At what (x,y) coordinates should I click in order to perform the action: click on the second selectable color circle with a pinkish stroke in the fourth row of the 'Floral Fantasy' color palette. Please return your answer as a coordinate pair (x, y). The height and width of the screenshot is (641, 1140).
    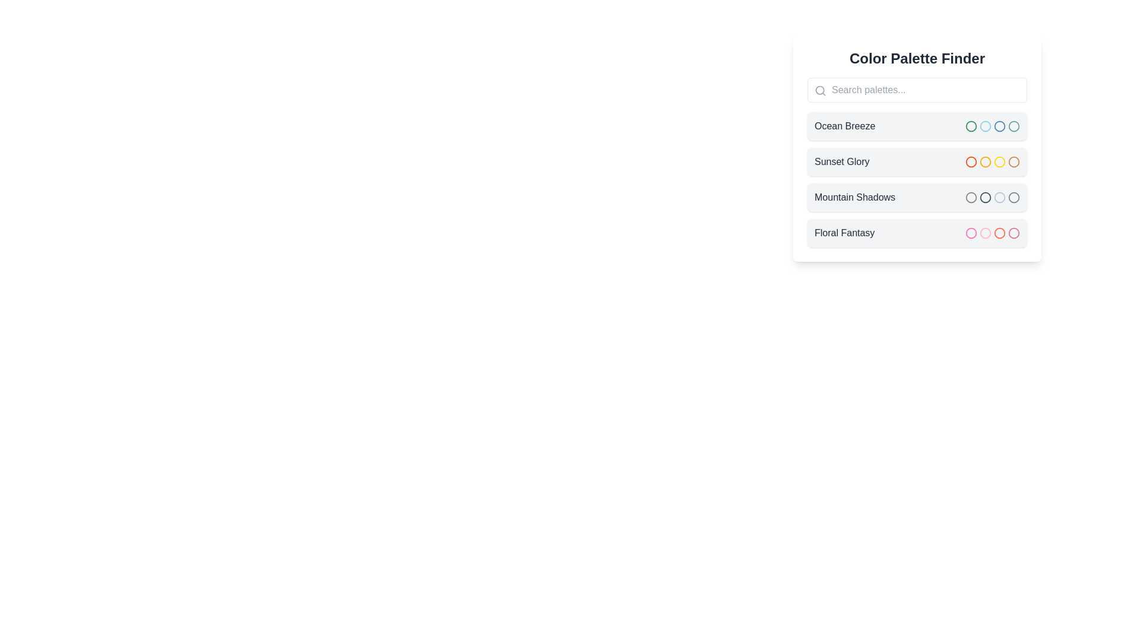
    Looking at the image, I should click on (986, 233).